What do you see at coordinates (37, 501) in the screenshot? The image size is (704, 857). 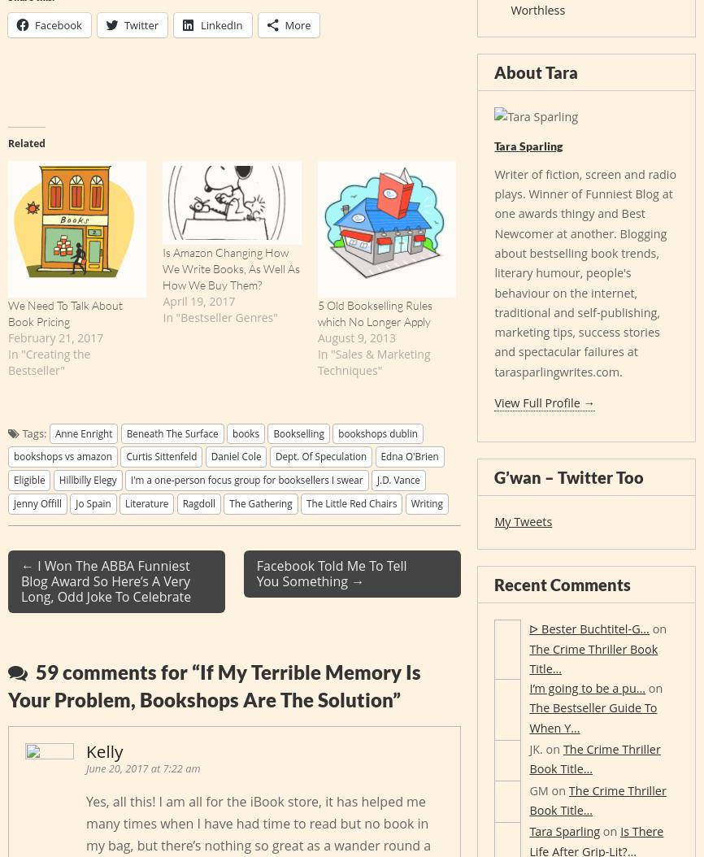 I see `'Jenny Offill'` at bounding box center [37, 501].